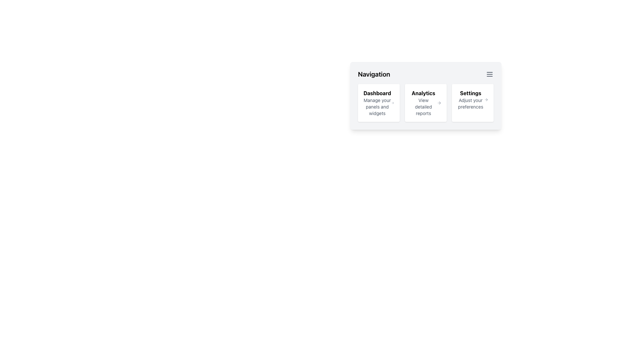  I want to click on the Linkable card item with the bold title 'Dashboard' and subtitle 'Manage your panels and widgets', which is the first card in a series of three, located at the leftmost position in the layout, so click(379, 103).